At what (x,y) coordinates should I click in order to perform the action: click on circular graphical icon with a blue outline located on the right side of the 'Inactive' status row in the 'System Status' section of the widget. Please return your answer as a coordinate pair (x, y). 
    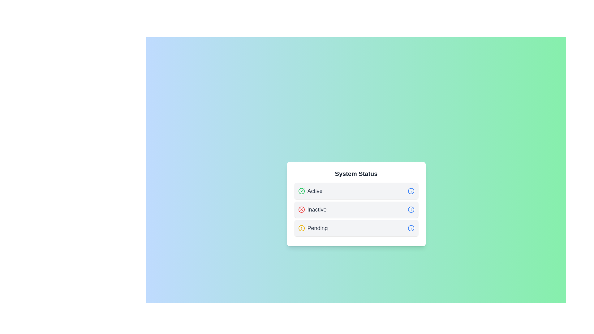
    Looking at the image, I should click on (411, 209).